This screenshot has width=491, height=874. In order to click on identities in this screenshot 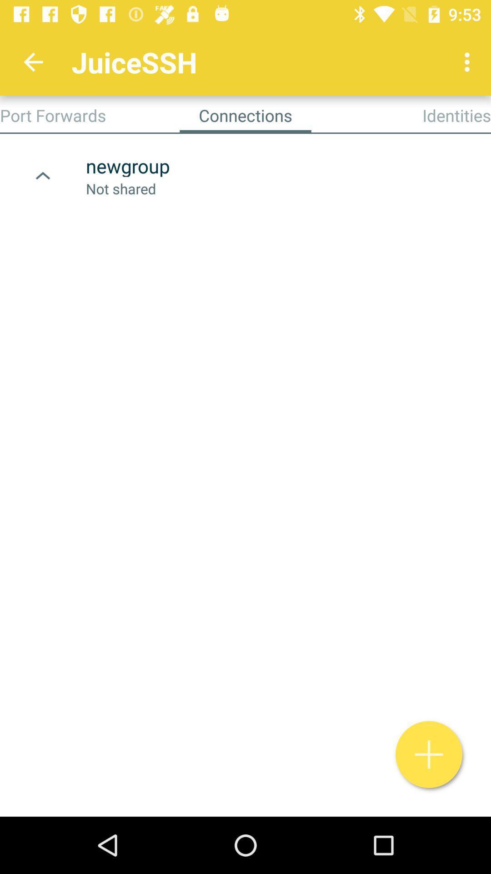, I will do `click(456, 115)`.